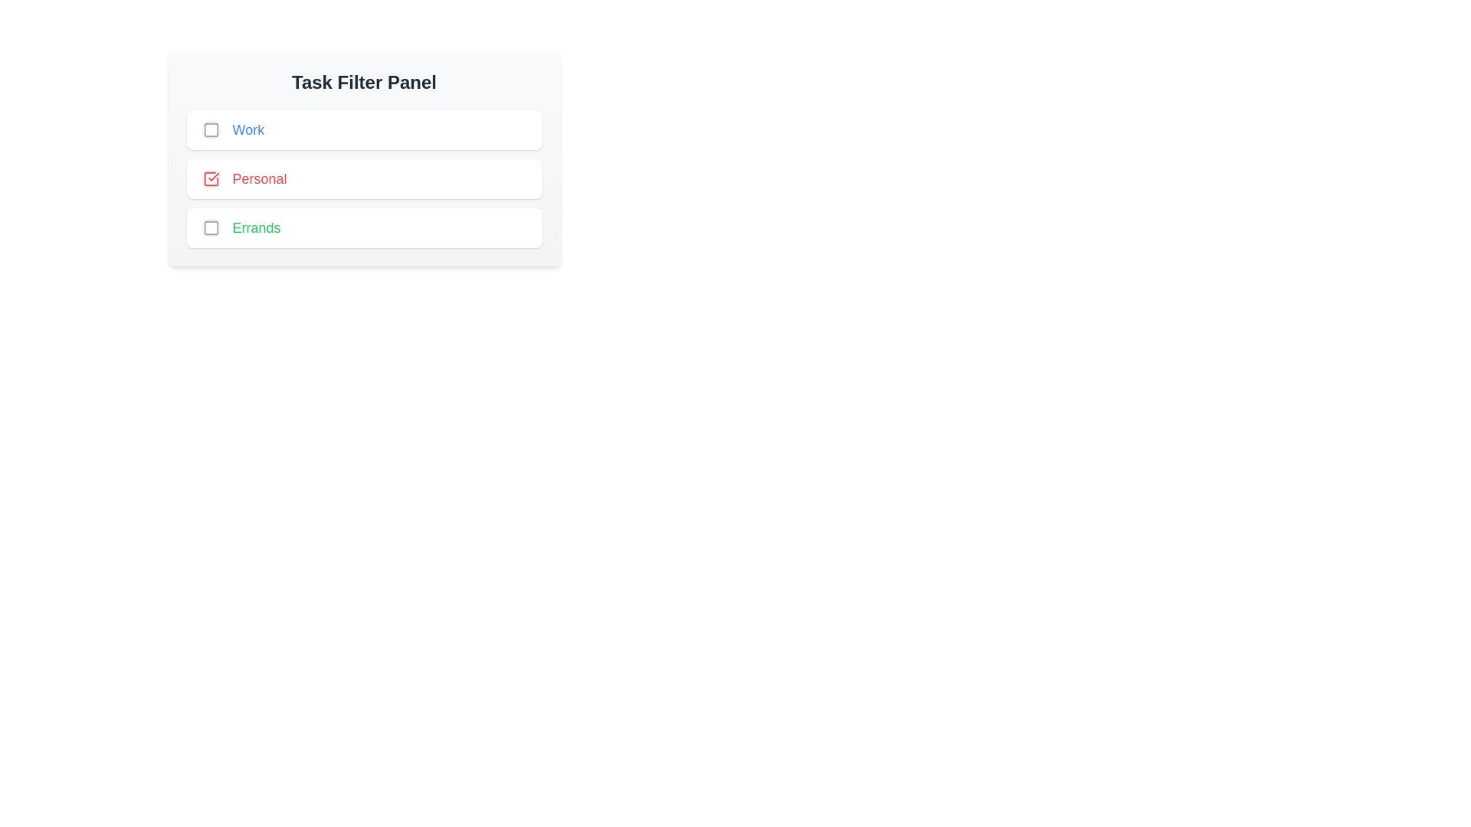 The height and width of the screenshot is (827, 1471). I want to click on the 'Personal' text label in the task filter panel, so click(260, 178).